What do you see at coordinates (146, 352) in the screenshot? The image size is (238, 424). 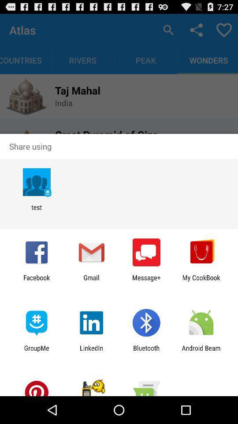 I see `the app to the left of android beam` at bounding box center [146, 352].